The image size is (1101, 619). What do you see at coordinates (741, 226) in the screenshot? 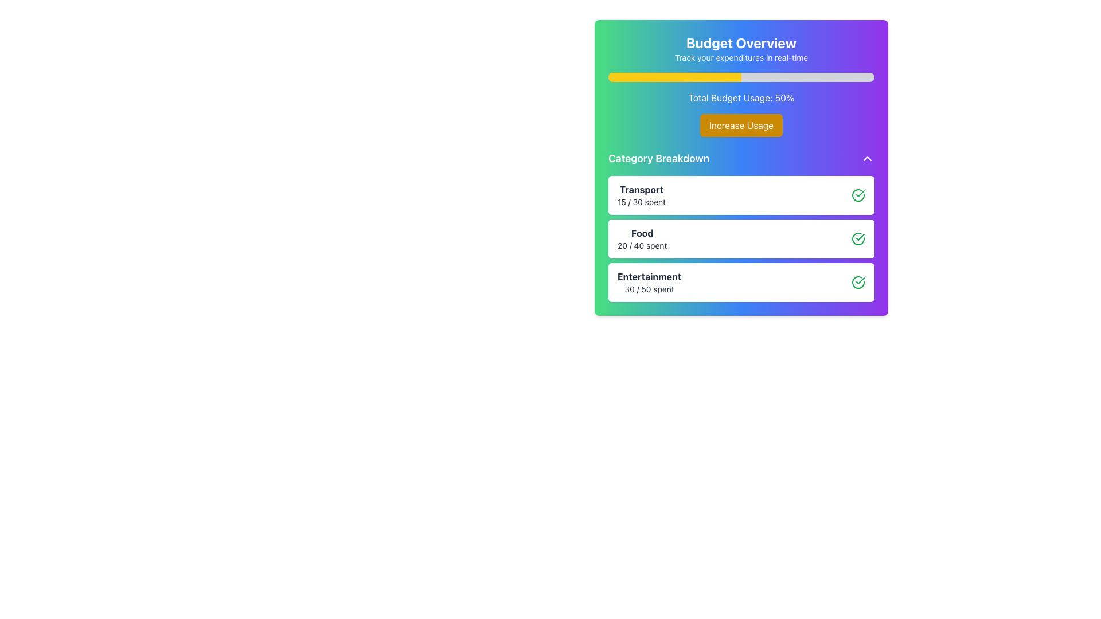
I see `the second vertical list item displaying expense details under the 'Category Breakdown' section` at bounding box center [741, 226].